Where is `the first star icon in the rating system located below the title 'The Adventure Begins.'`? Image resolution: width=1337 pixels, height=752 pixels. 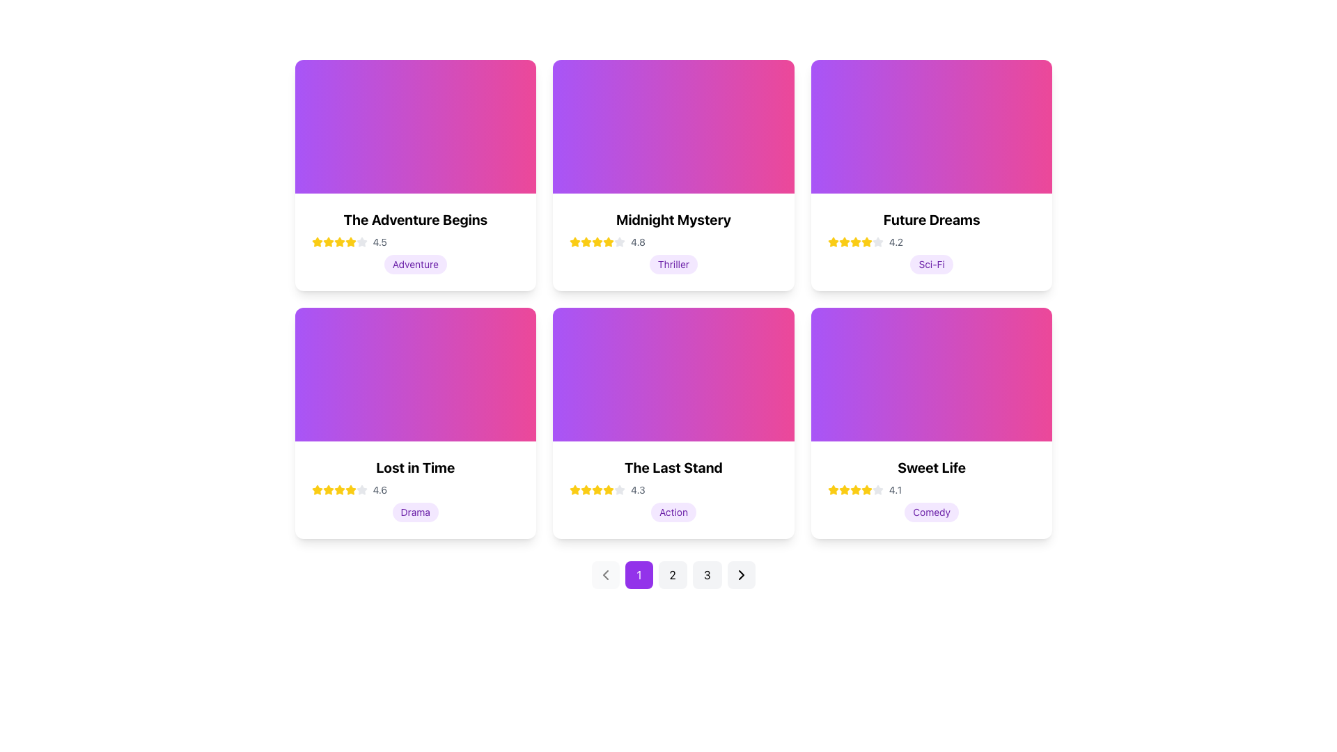
the first star icon in the rating system located below the title 'The Adventure Begins.' is located at coordinates (316, 241).